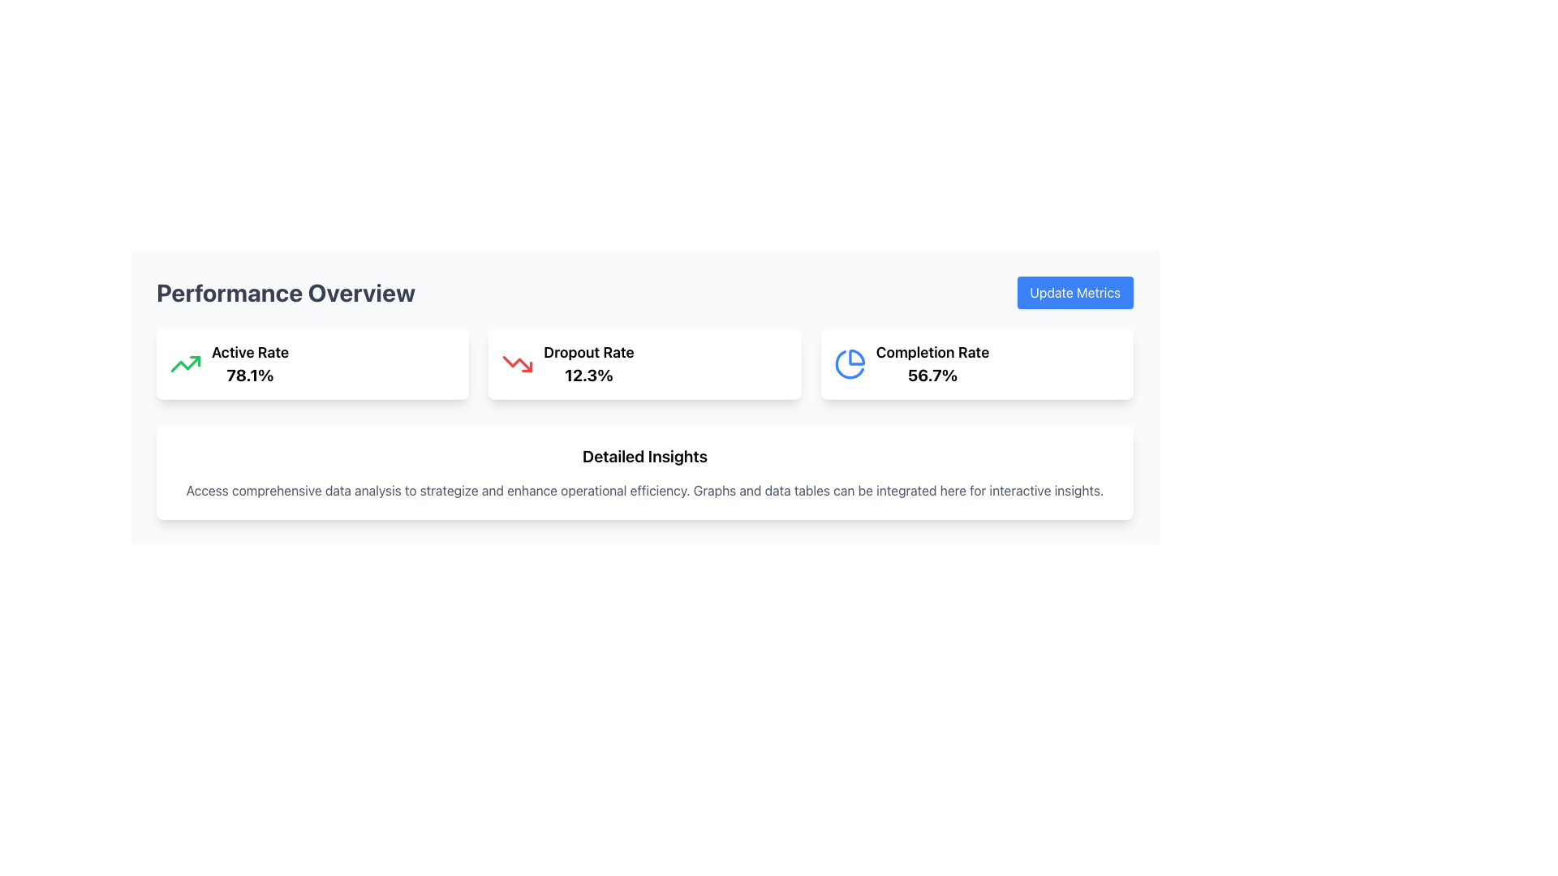 The image size is (1558, 876). I want to click on the SVG-based growth icon representation, so click(186, 363).